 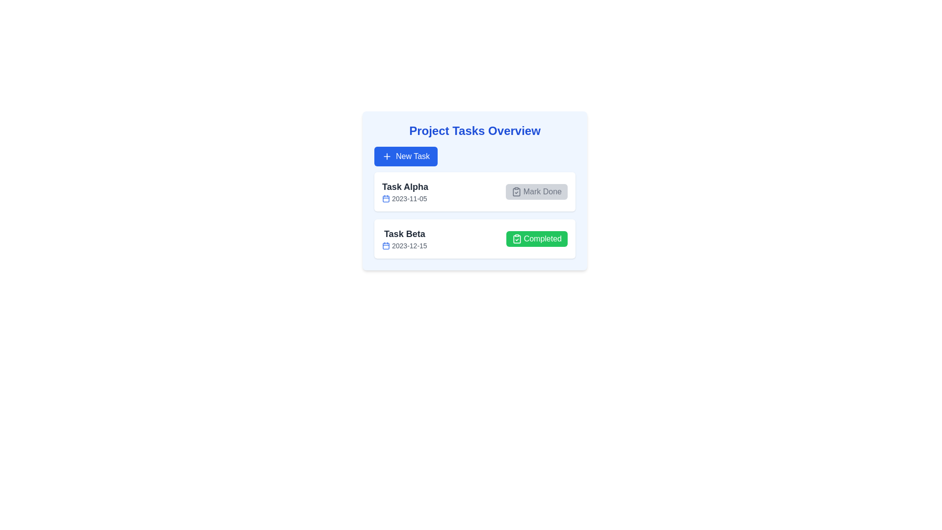 I want to click on the completion status icon within the green 'Completed' button located at the bottom-right corner of the 'Task Beta' entry in the task list, so click(x=516, y=238).